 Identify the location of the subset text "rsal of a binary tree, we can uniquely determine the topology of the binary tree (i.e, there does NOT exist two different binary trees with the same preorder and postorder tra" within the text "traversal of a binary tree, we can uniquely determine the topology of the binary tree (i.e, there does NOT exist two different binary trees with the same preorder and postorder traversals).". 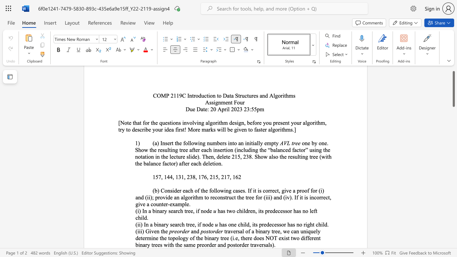
(236, 231).